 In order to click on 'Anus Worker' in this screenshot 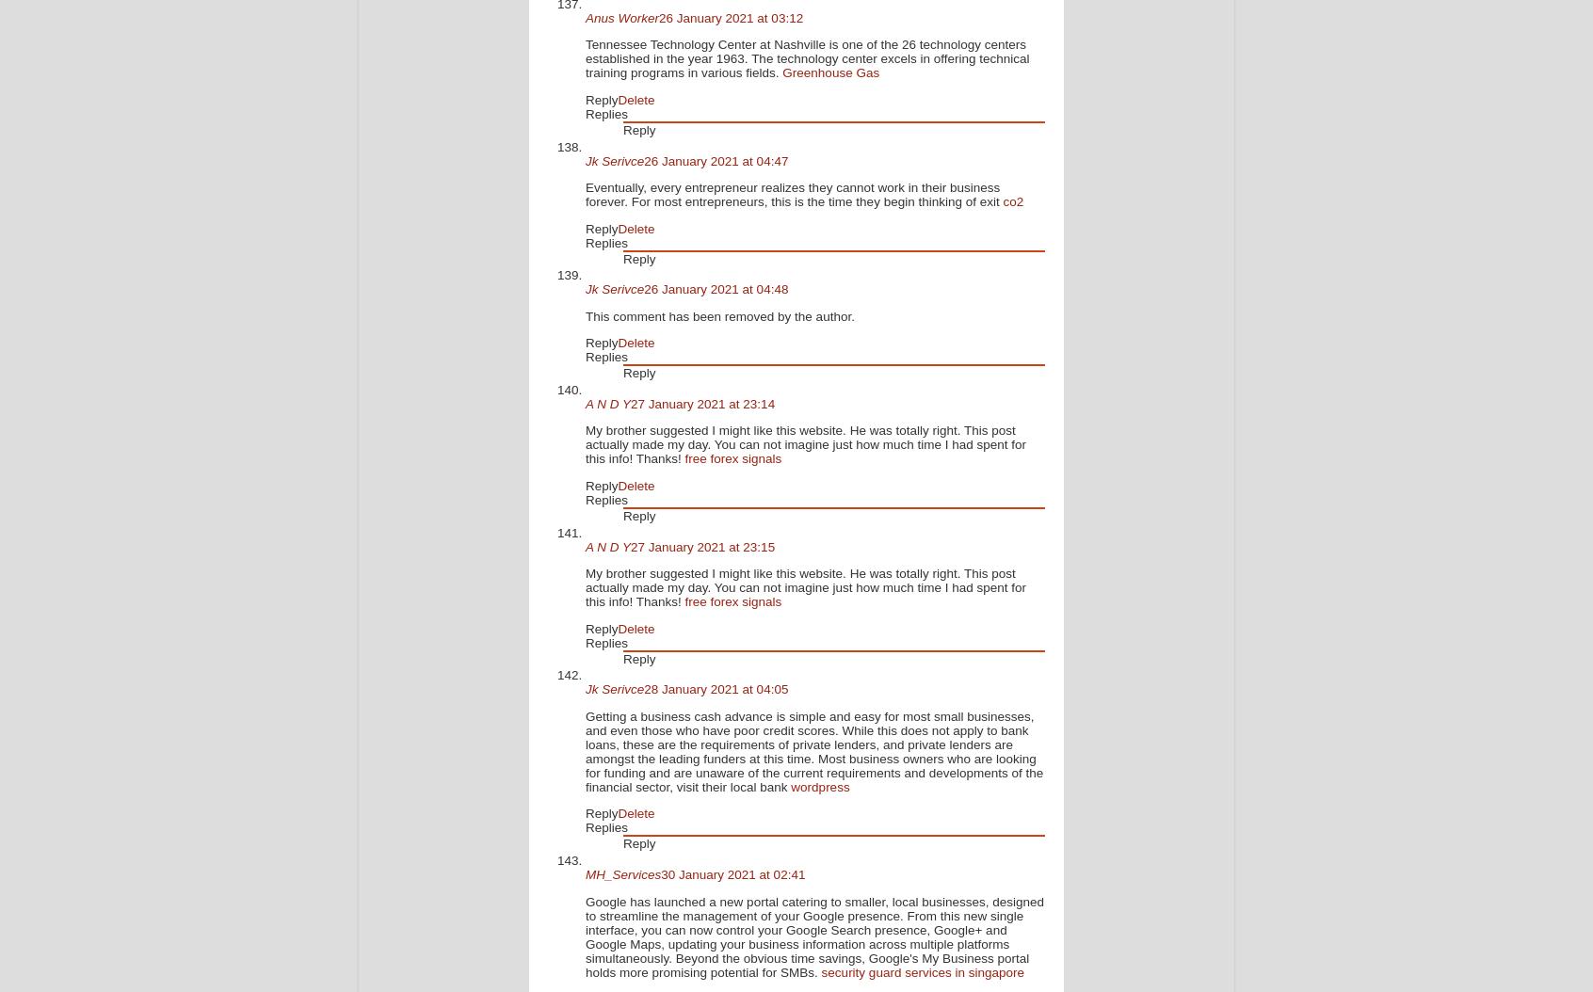, I will do `click(584, 17)`.